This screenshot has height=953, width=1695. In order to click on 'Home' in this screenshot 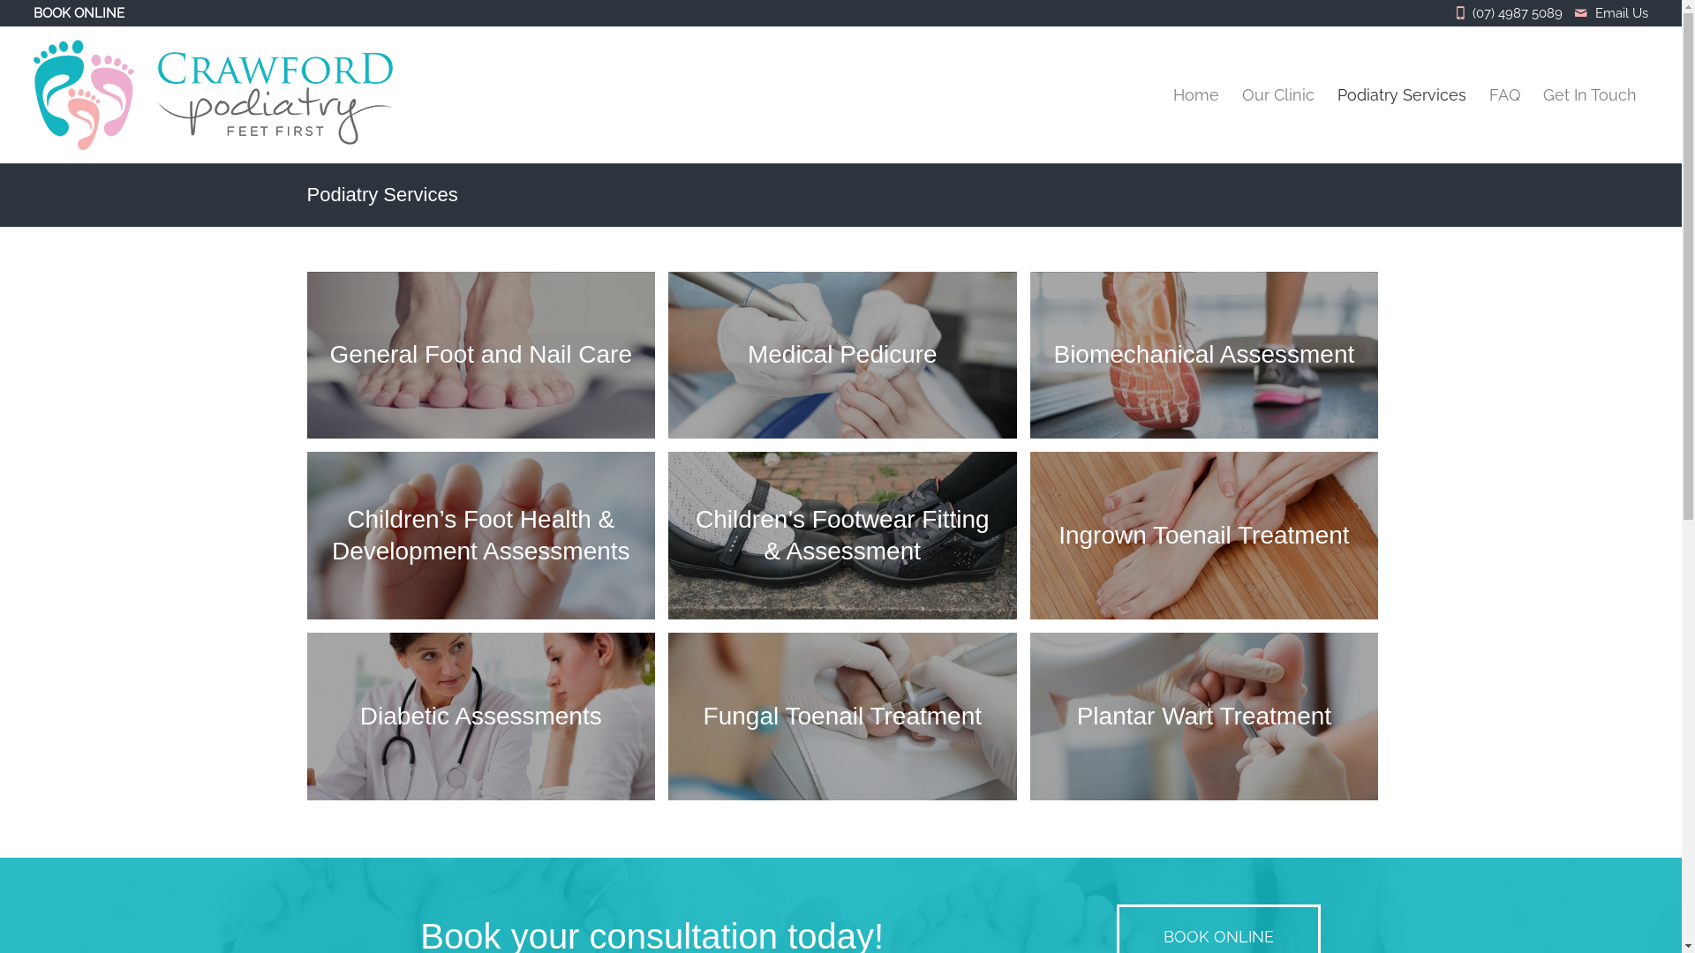, I will do `click(1161, 94)`.